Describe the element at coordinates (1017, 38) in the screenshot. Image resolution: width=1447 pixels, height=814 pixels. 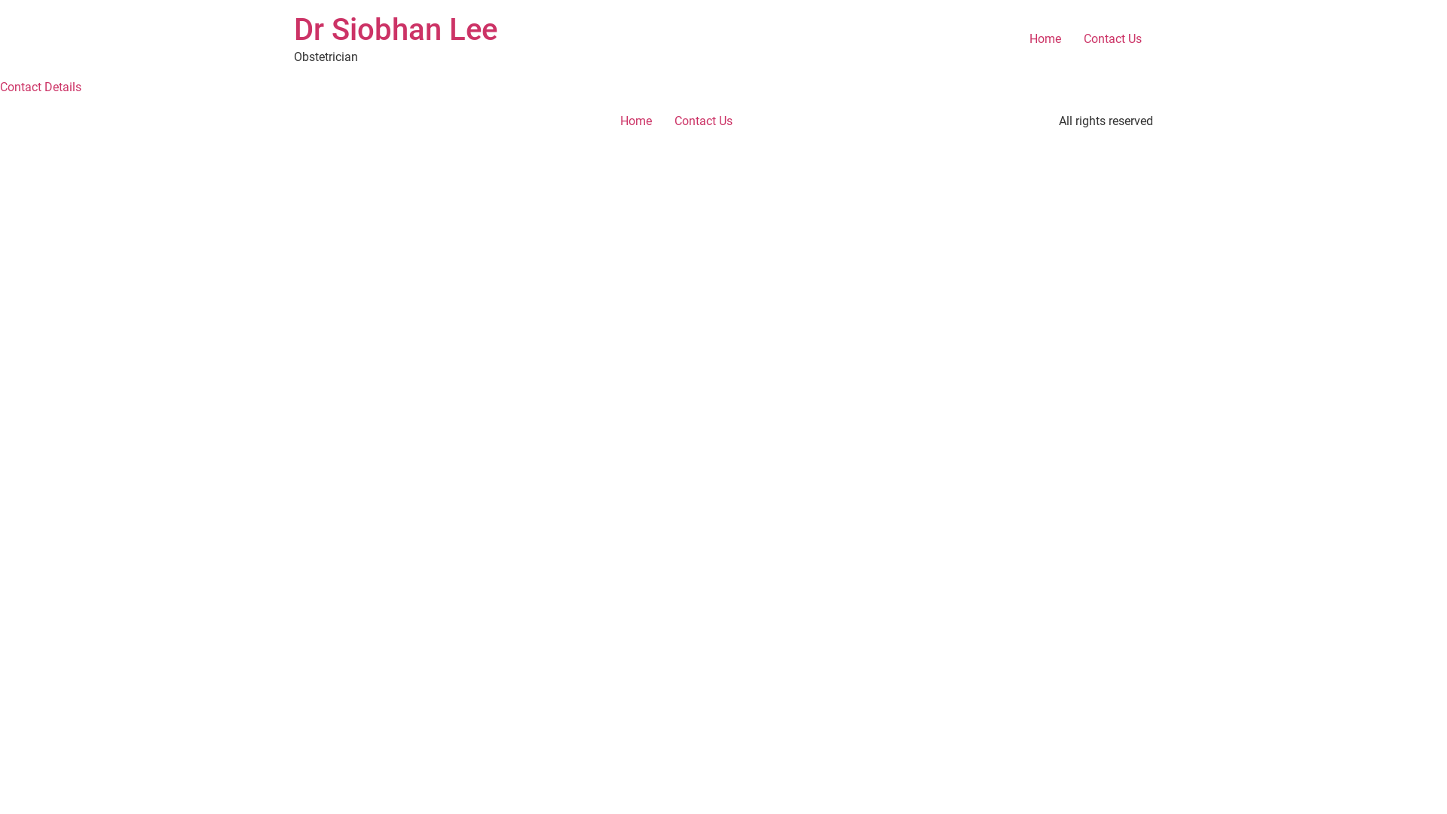
I see `'Home'` at that location.